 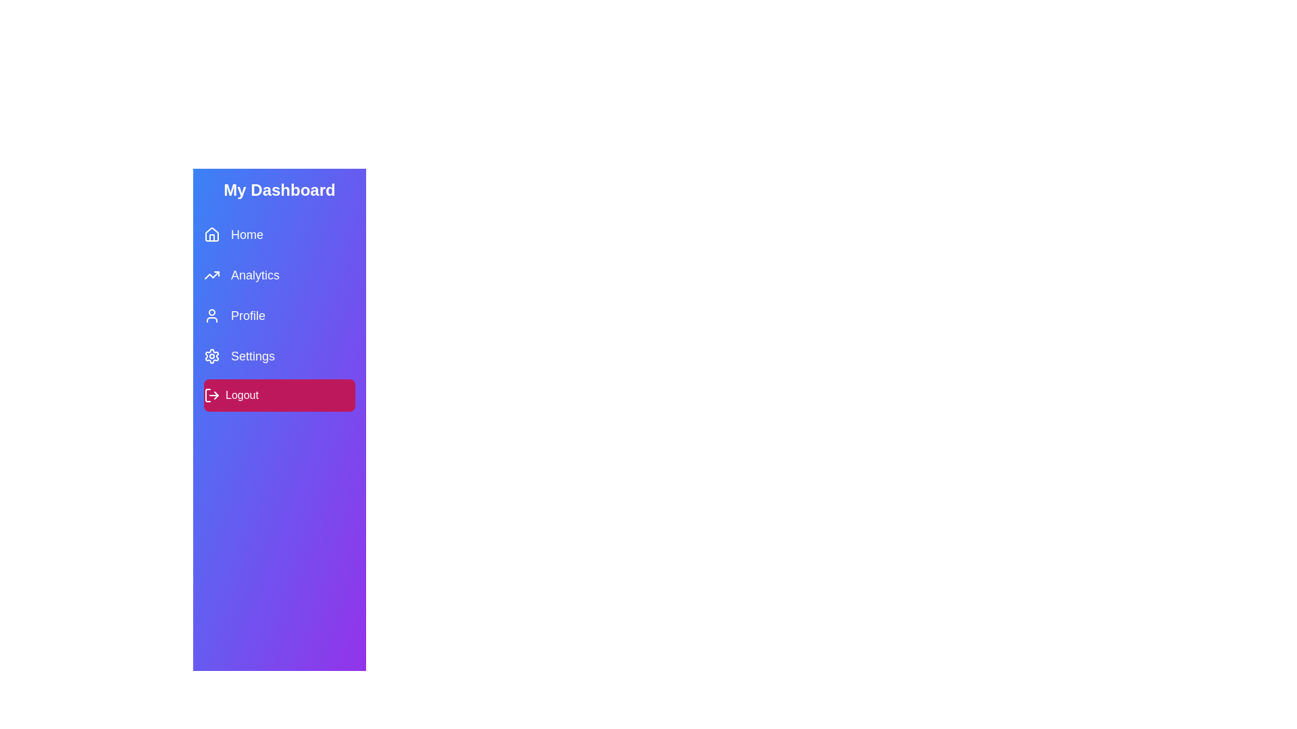 I want to click on the navigation button labeled 'Home' in the vertical menu located beneath 'My Dashboard', so click(x=278, y=234).